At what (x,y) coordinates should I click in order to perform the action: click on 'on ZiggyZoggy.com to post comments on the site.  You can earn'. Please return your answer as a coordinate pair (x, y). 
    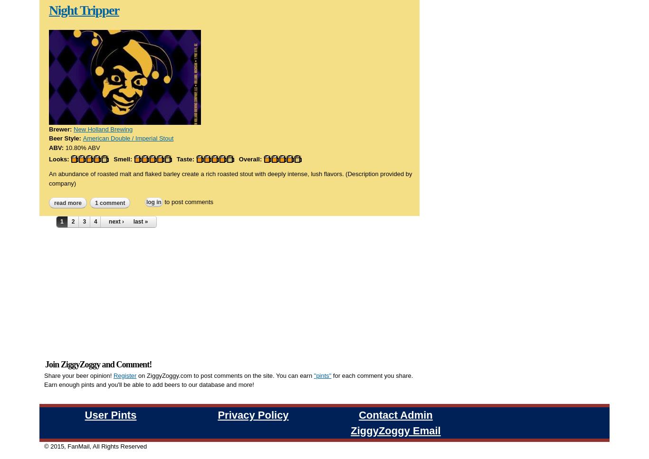
    Looking at the image, I should click on (136, 263).